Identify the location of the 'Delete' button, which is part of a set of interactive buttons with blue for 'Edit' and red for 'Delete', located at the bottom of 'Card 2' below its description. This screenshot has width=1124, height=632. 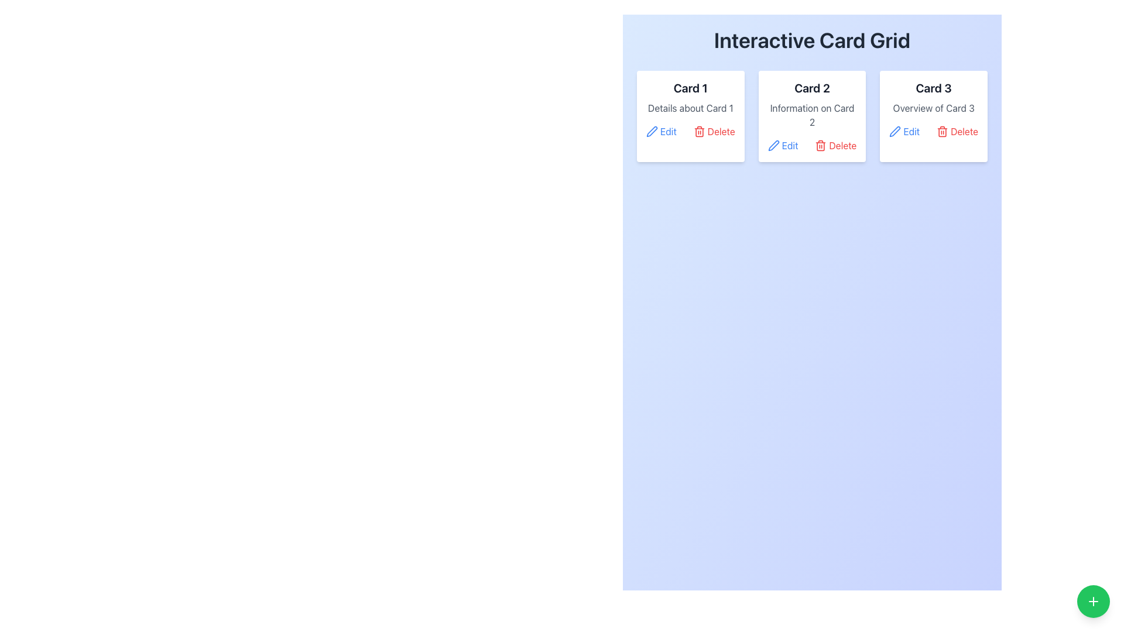
(811, 145).